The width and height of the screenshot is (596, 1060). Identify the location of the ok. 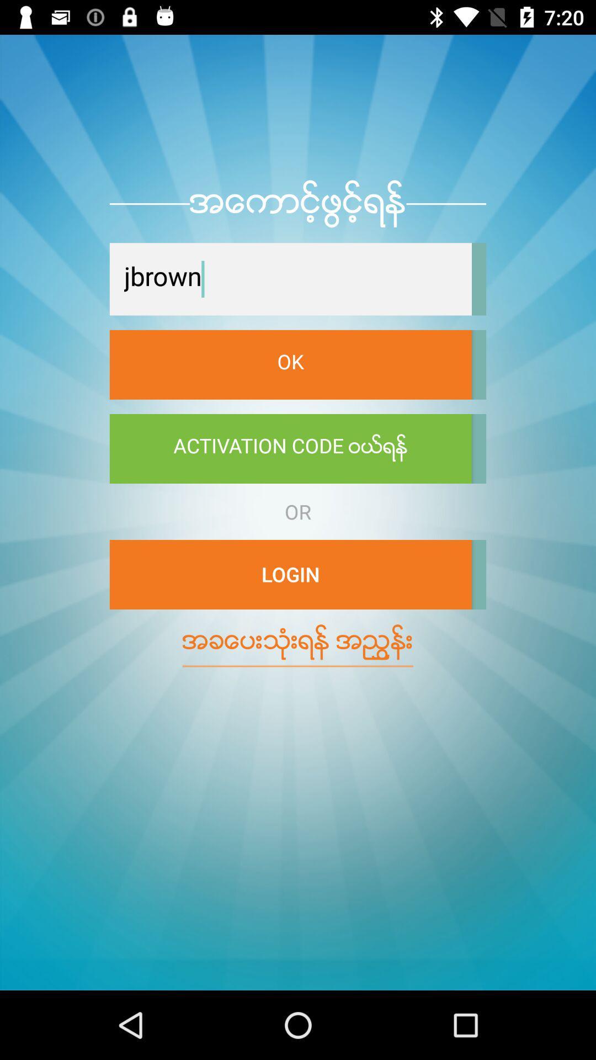
(290, 364).